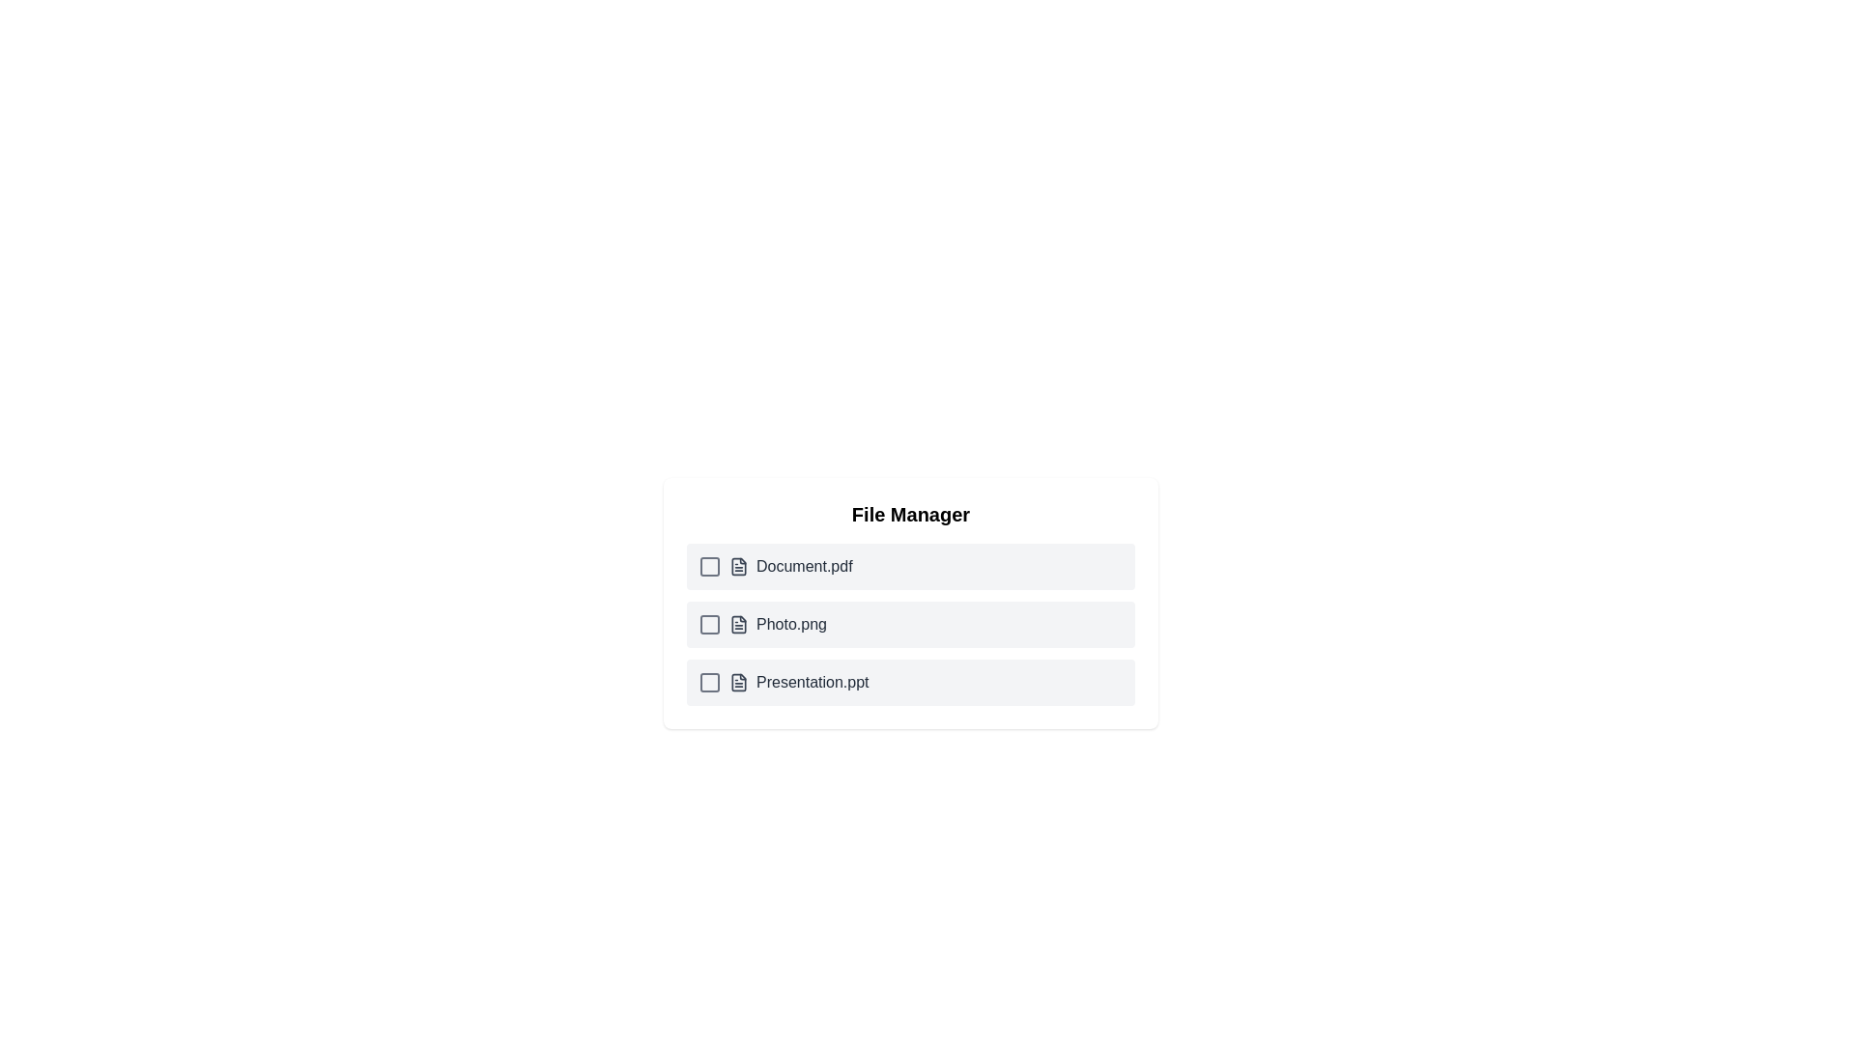 The height and width of the screenshot is (1043, 1855). What do you see at coordinates (813, 681) in the screenshot?
I see `the text label displaying 'Presentation.ppt'` at bounding box center [813, 681].